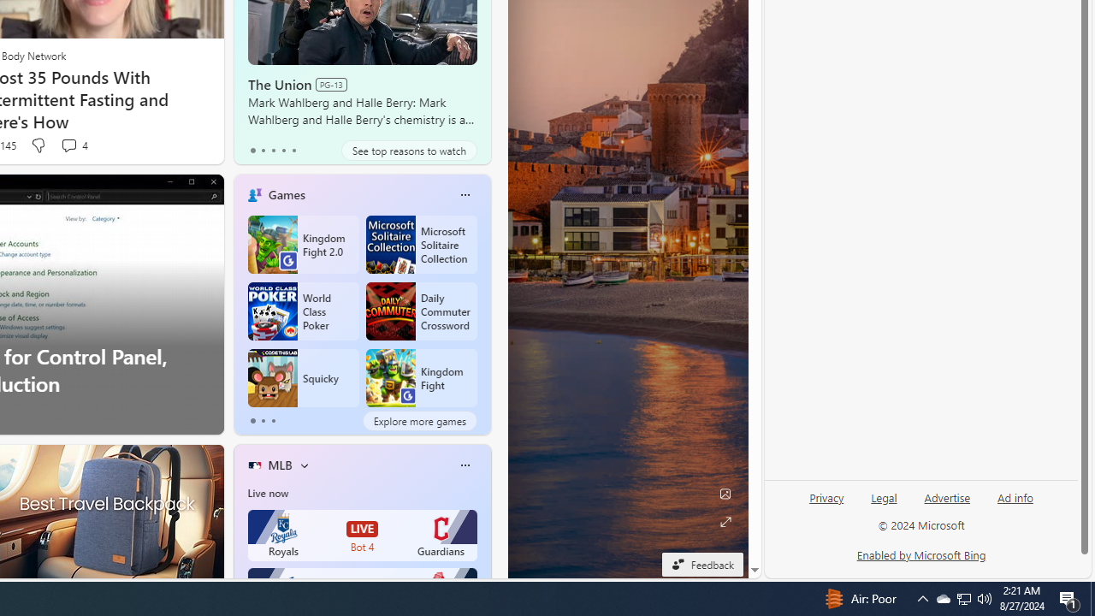 Image resolution: width=1095 pixels, height=616 pixels. Describe the element at coordinates (1015, 498) in the screenshot. I see `'Ad info'` at that location.